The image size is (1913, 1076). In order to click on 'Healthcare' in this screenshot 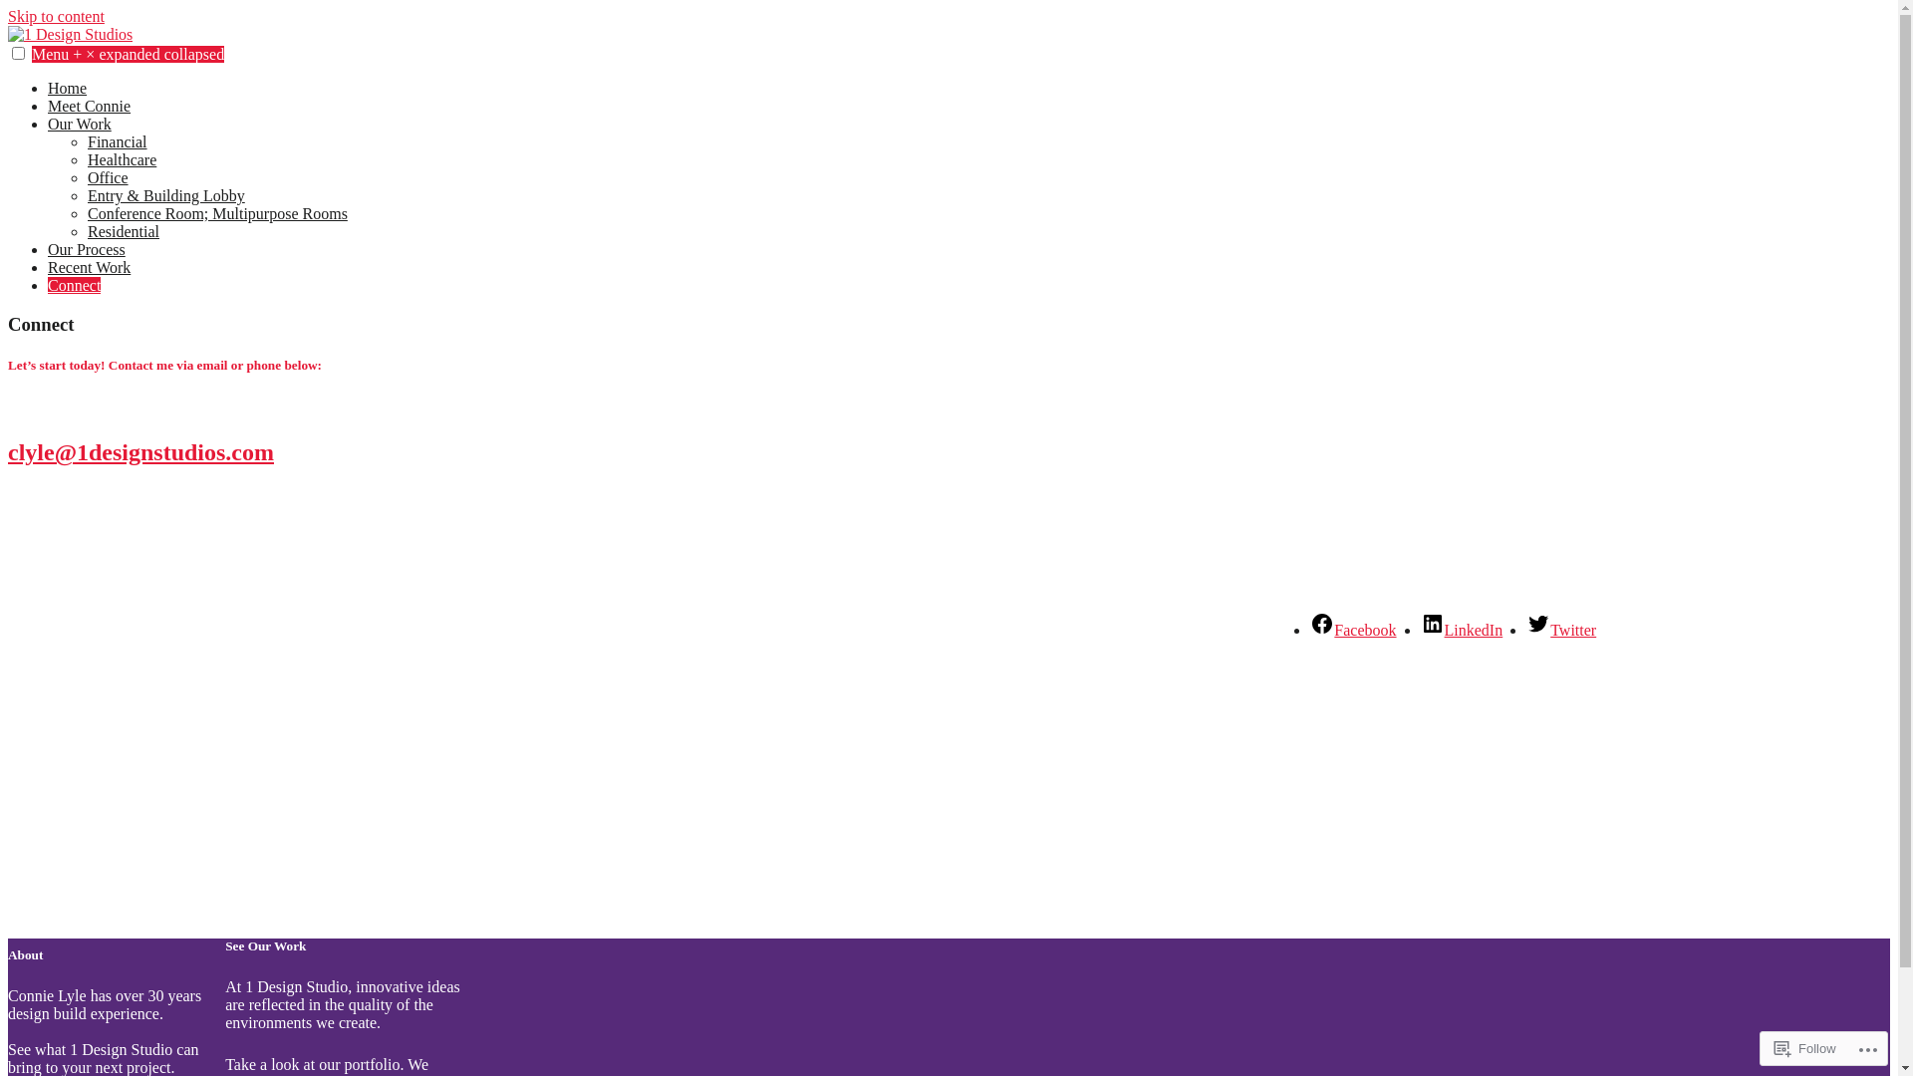, I will do `click(86, 158)`.